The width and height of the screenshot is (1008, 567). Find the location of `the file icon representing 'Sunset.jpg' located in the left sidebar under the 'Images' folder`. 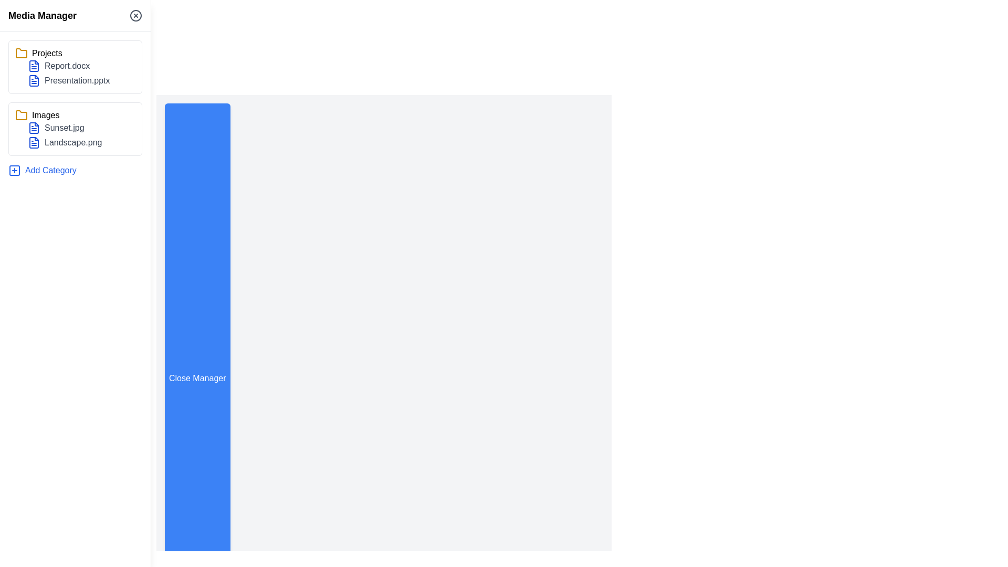

the file icon representing 'Sunset.jpg' located in the left sidebar under the 'Images' folder is located at coordinates (34, 127).